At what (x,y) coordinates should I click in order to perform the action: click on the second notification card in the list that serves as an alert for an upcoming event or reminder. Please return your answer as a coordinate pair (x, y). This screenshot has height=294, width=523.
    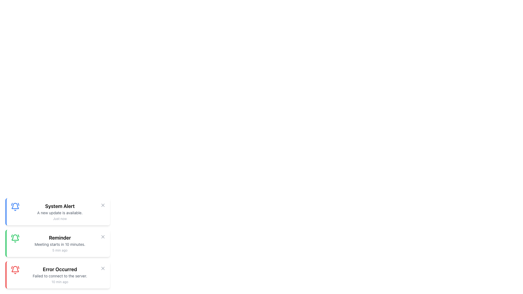
    Looking at the image, I should click on (60, 243).